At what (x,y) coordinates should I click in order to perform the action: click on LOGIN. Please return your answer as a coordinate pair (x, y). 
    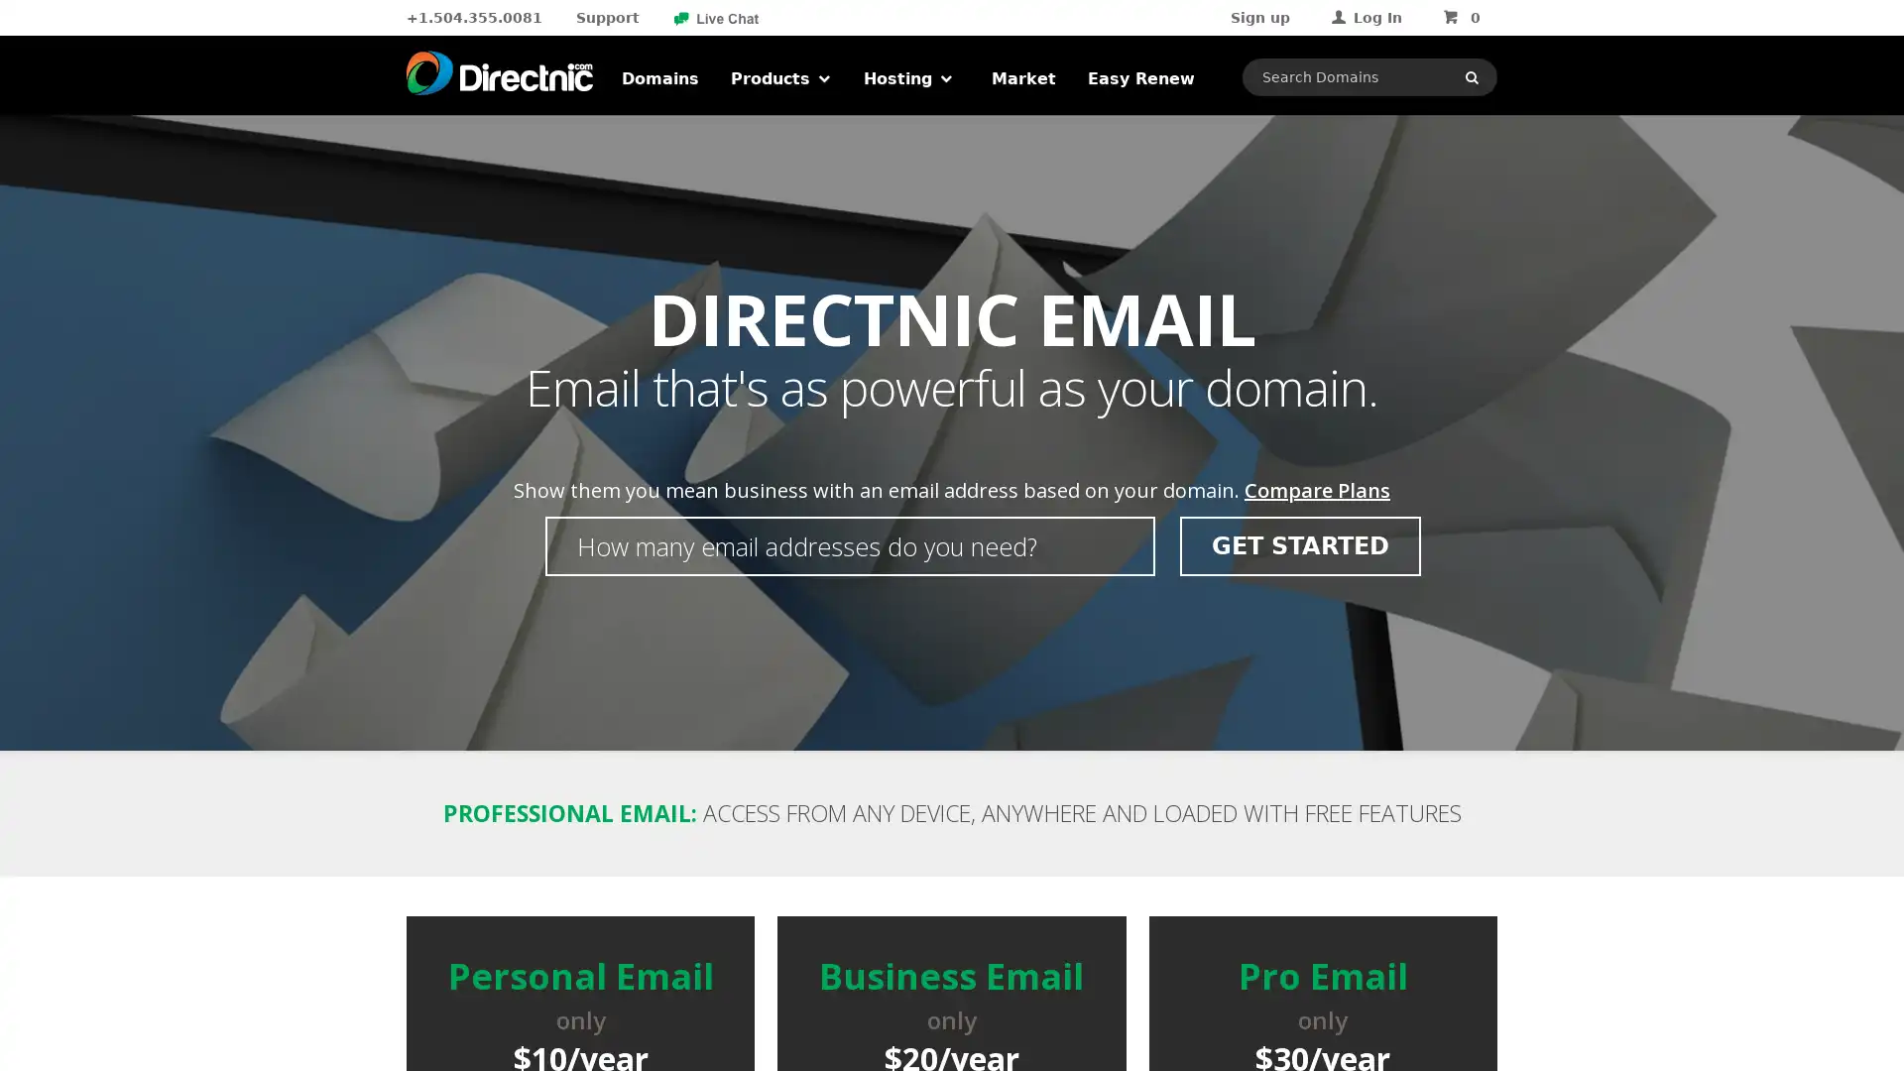
    Looking at the image, I should click on (1410, 202).